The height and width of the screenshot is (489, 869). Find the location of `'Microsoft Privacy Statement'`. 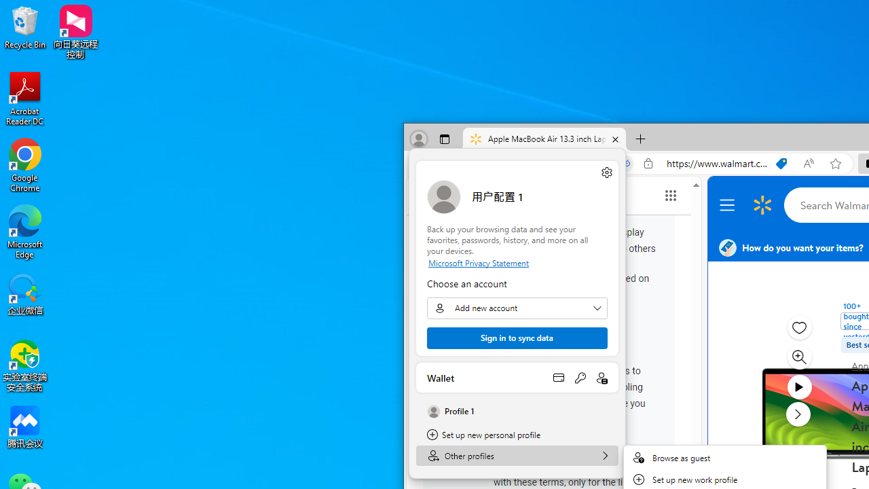

'Microsoft Privacy Statement' is located at coordinates (516, 263).